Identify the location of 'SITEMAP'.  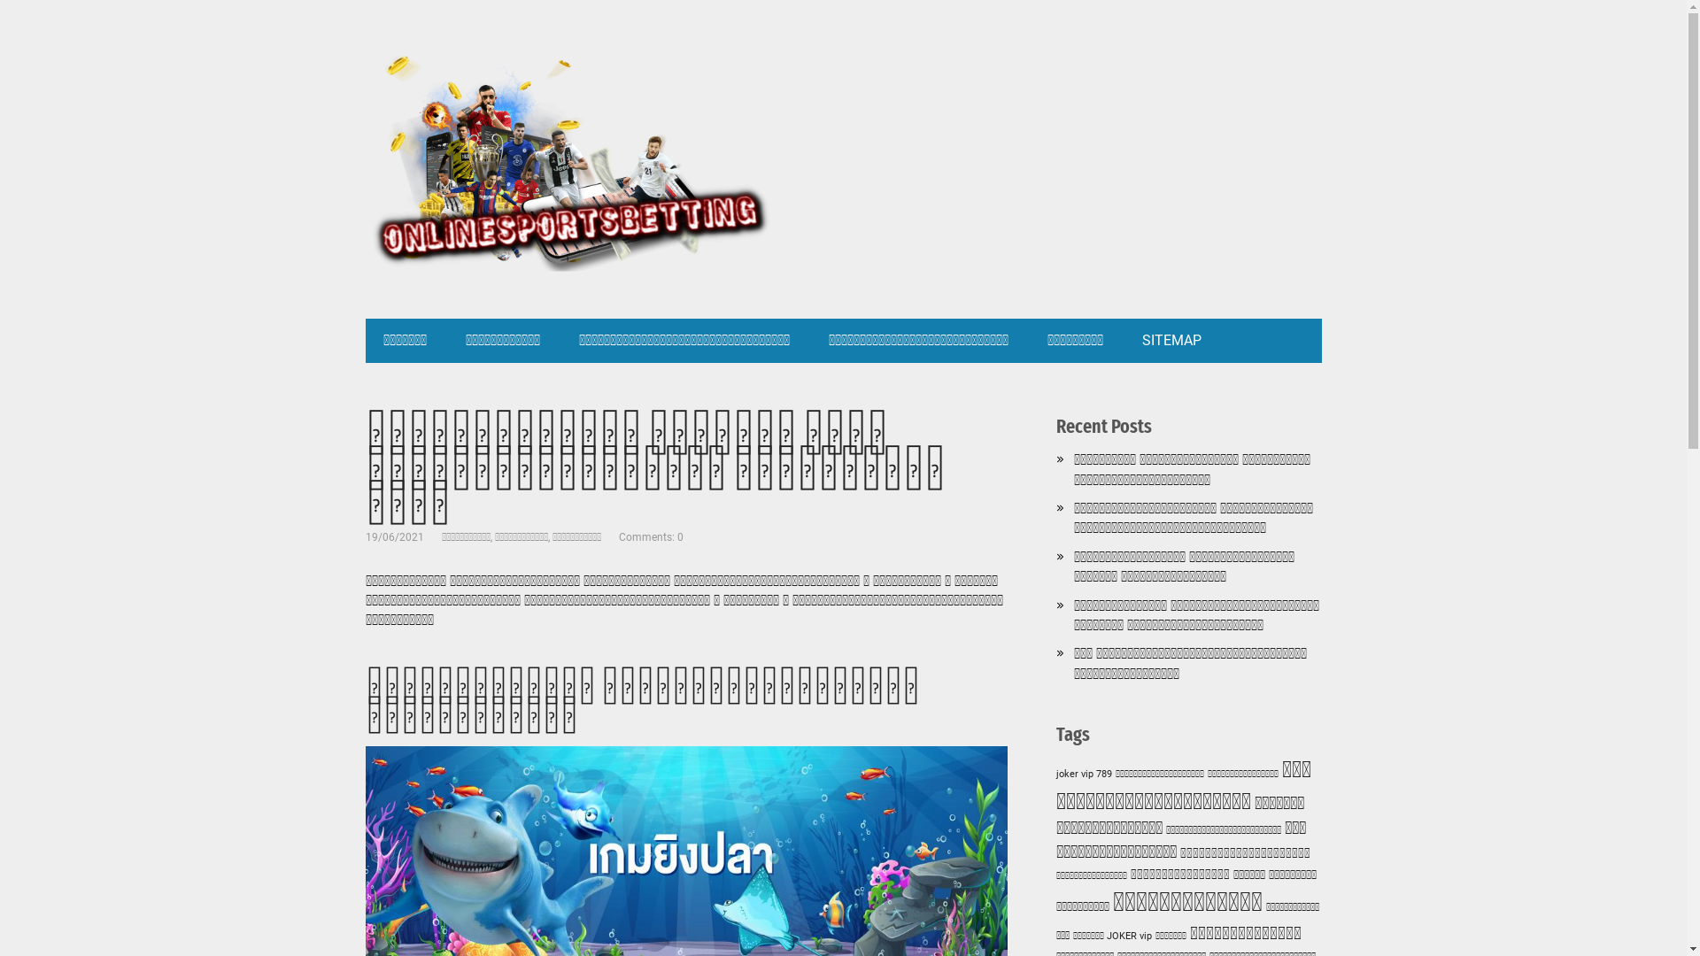
(1171, 341).